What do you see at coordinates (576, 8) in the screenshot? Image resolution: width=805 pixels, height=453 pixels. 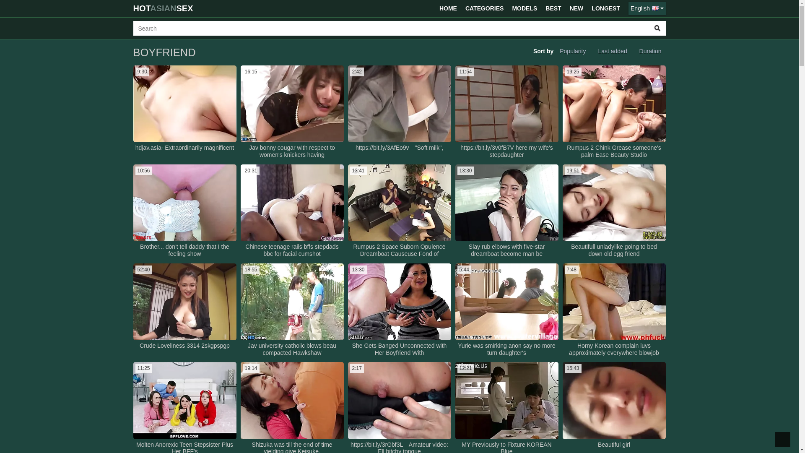 I see `'NEW'` at bounding box center [576, 8].